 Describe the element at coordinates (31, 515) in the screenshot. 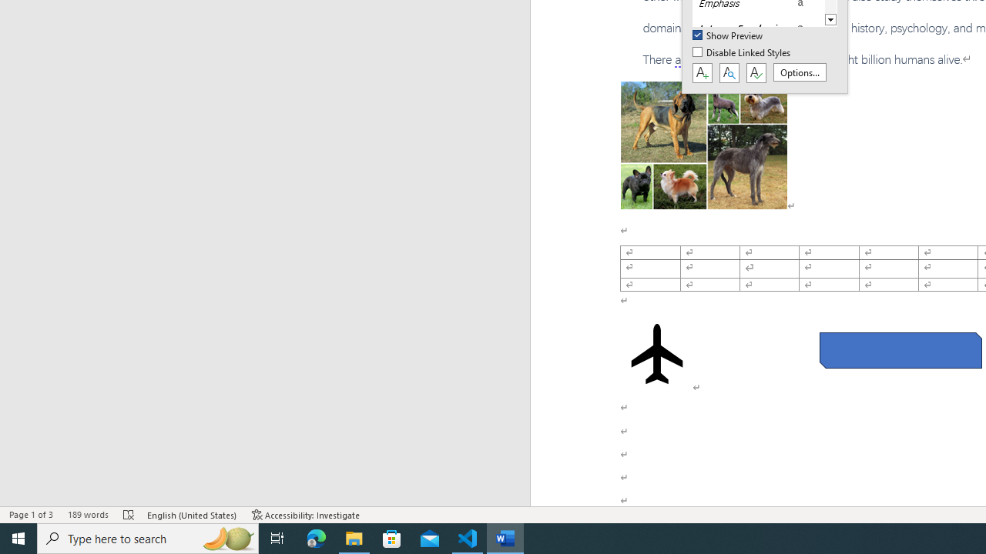

I see `'Page Number Page 1 of 3'` at that location.